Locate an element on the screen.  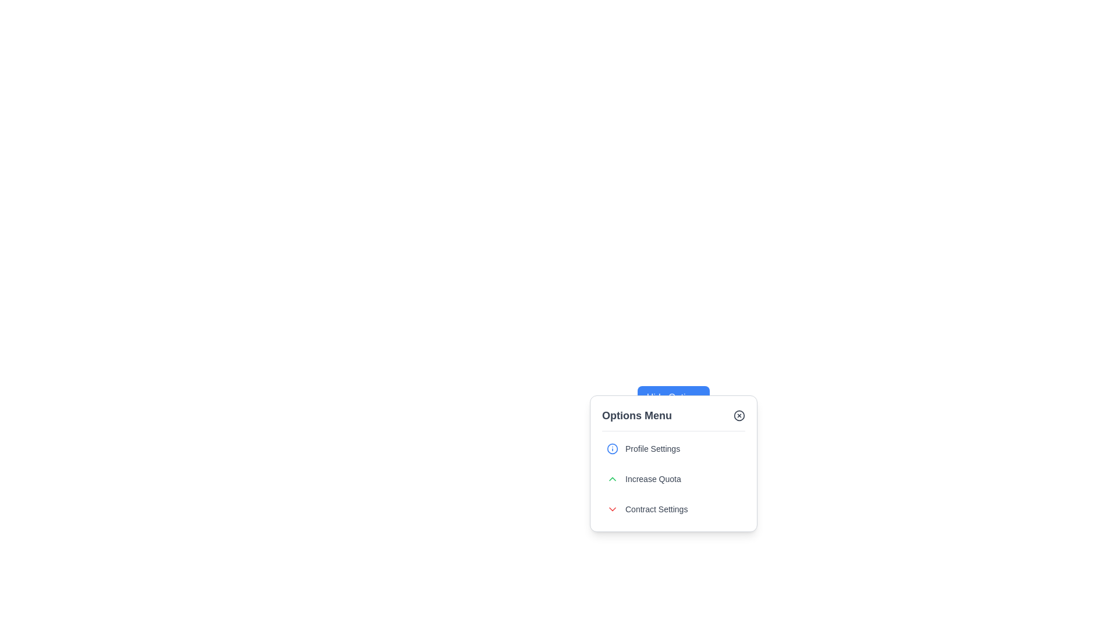
the informational icon located at the leftmost part of the 'Profile Settings' row under the 'Options Menu' is located at coordinates (611, 448).